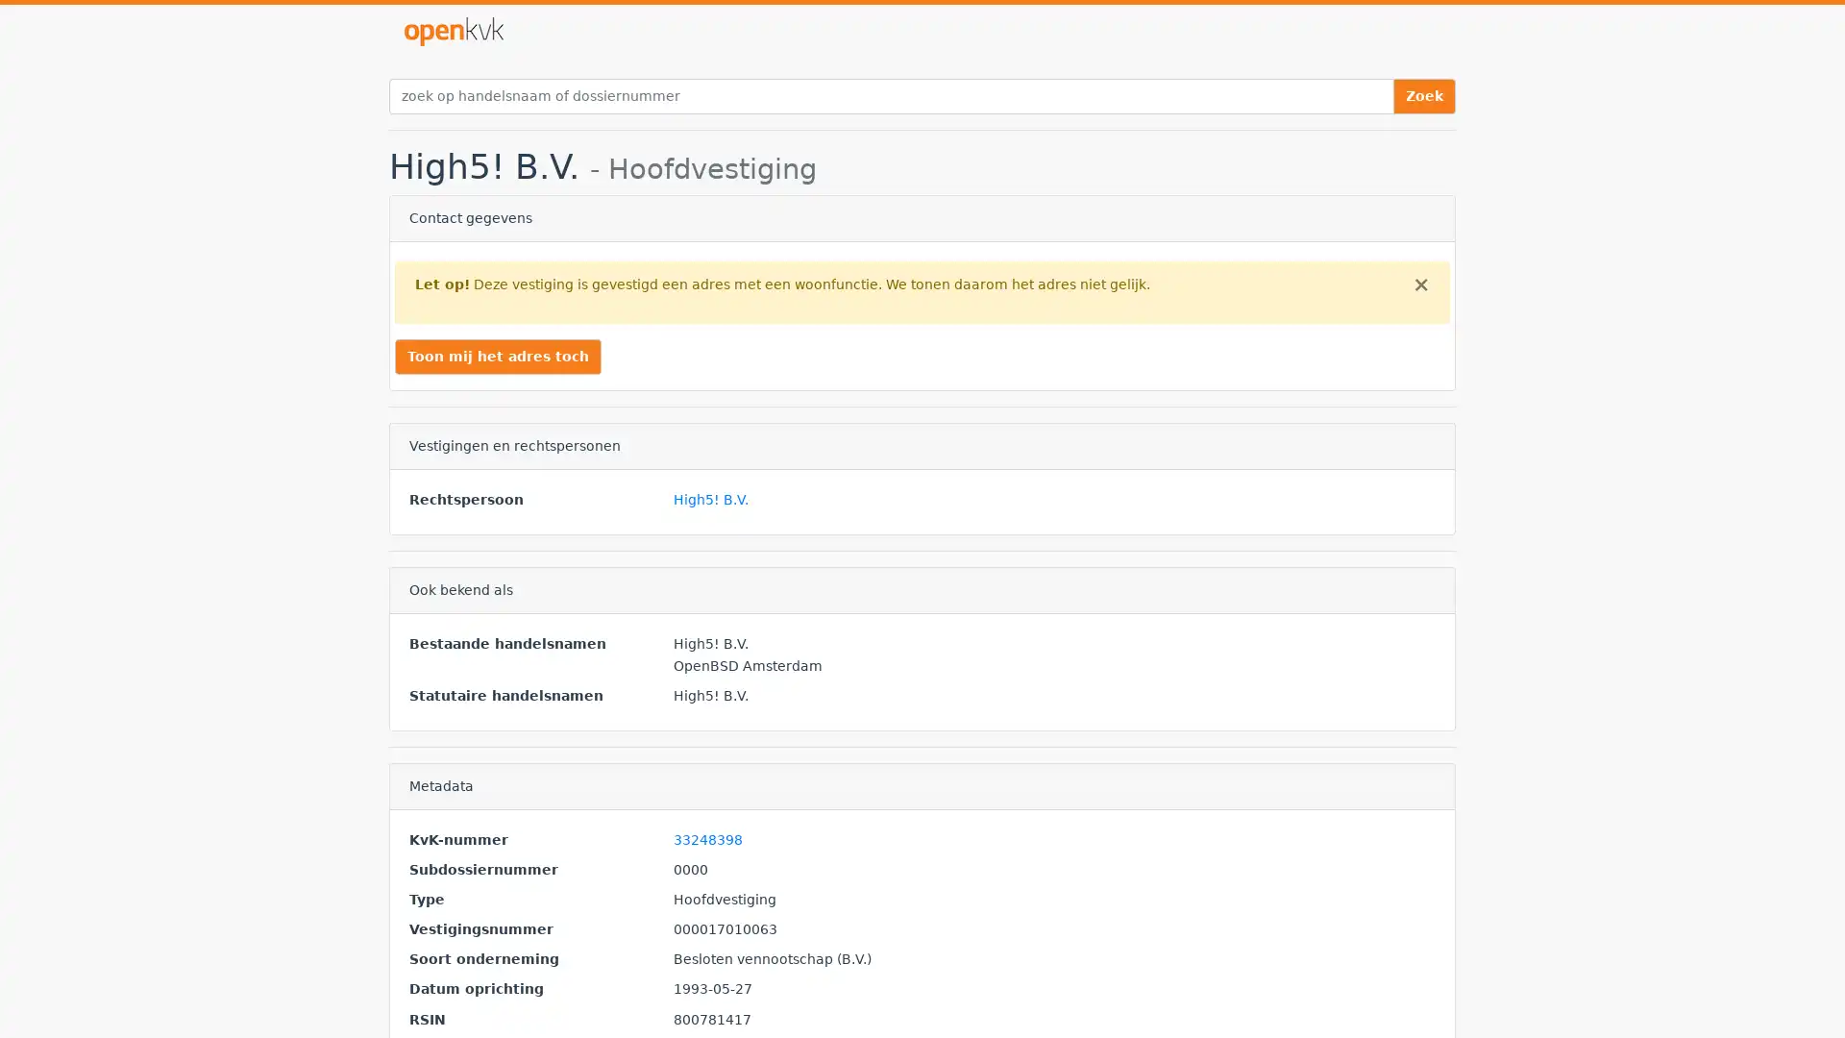 The image size is (1845, 1038). Describe the element at coordinates (1424, 95) in the screenshot. I see `Zoek` at that location.